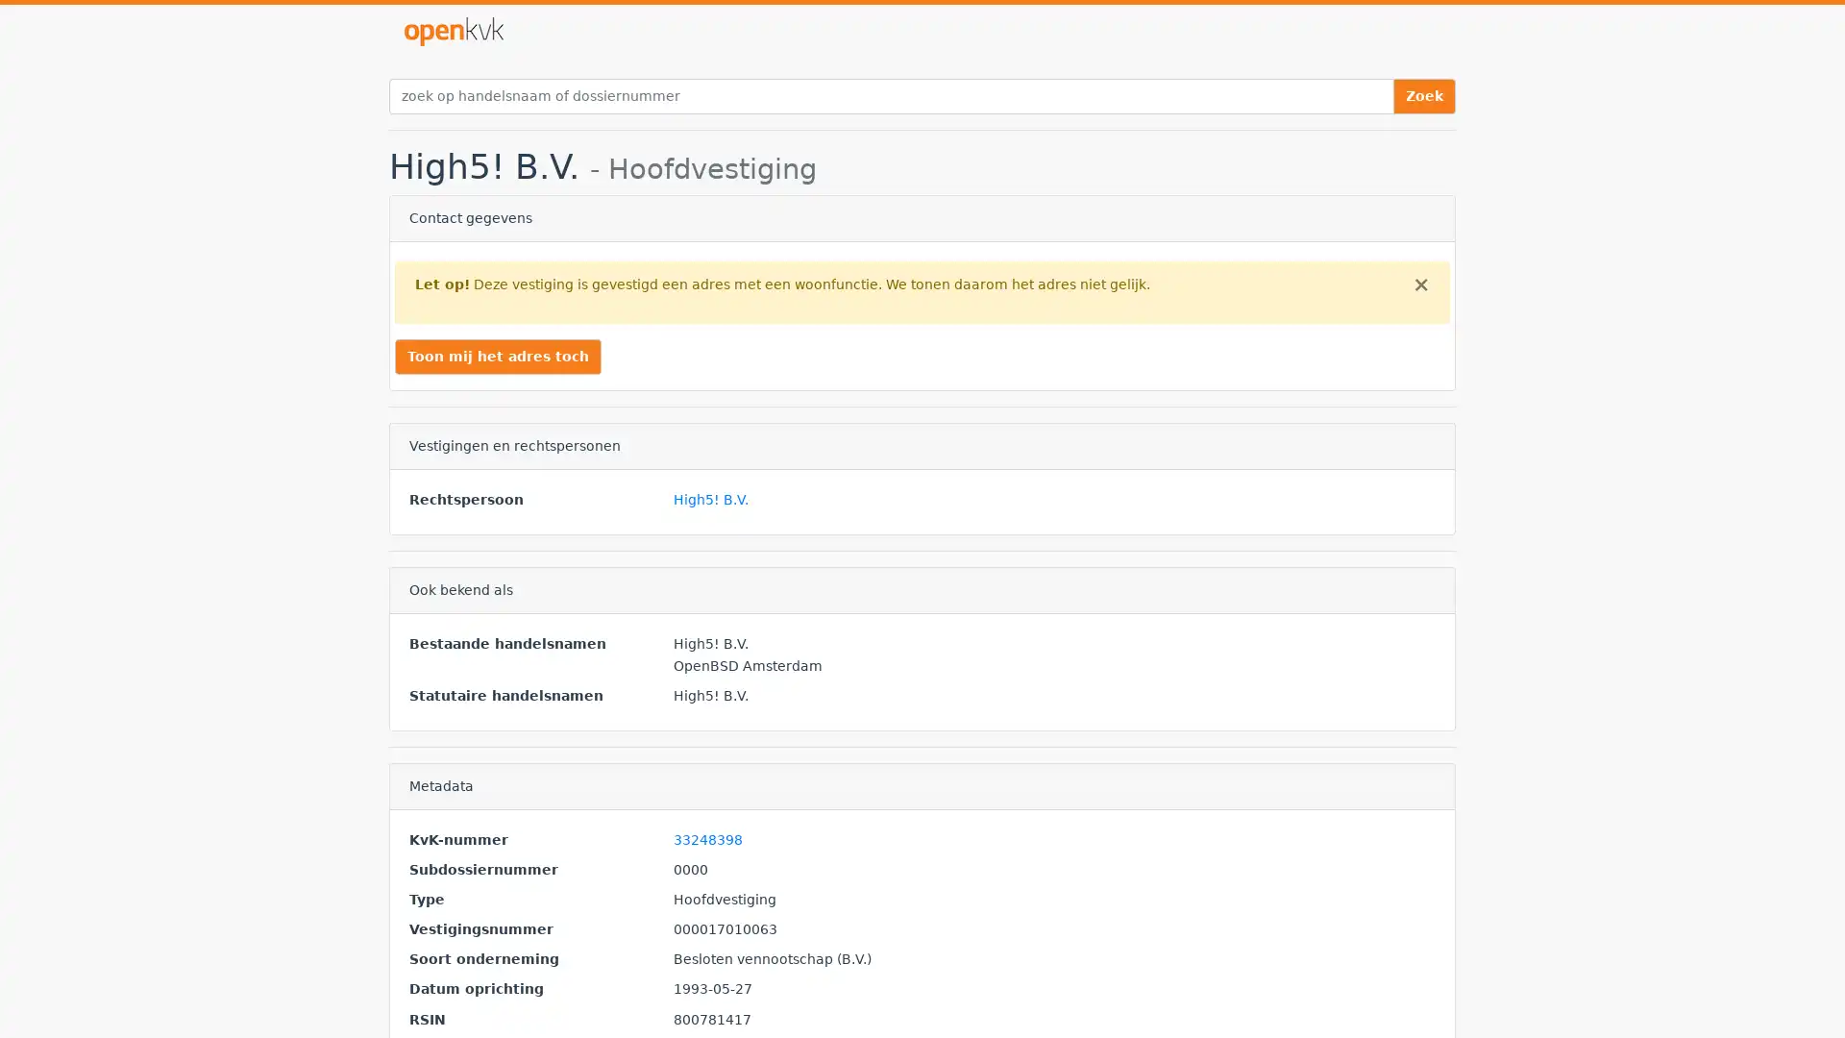 The image size is (1845, 1038). Describe the element at coordinates (1424, 95) in the screenshot. I see `Zoek` at that location.